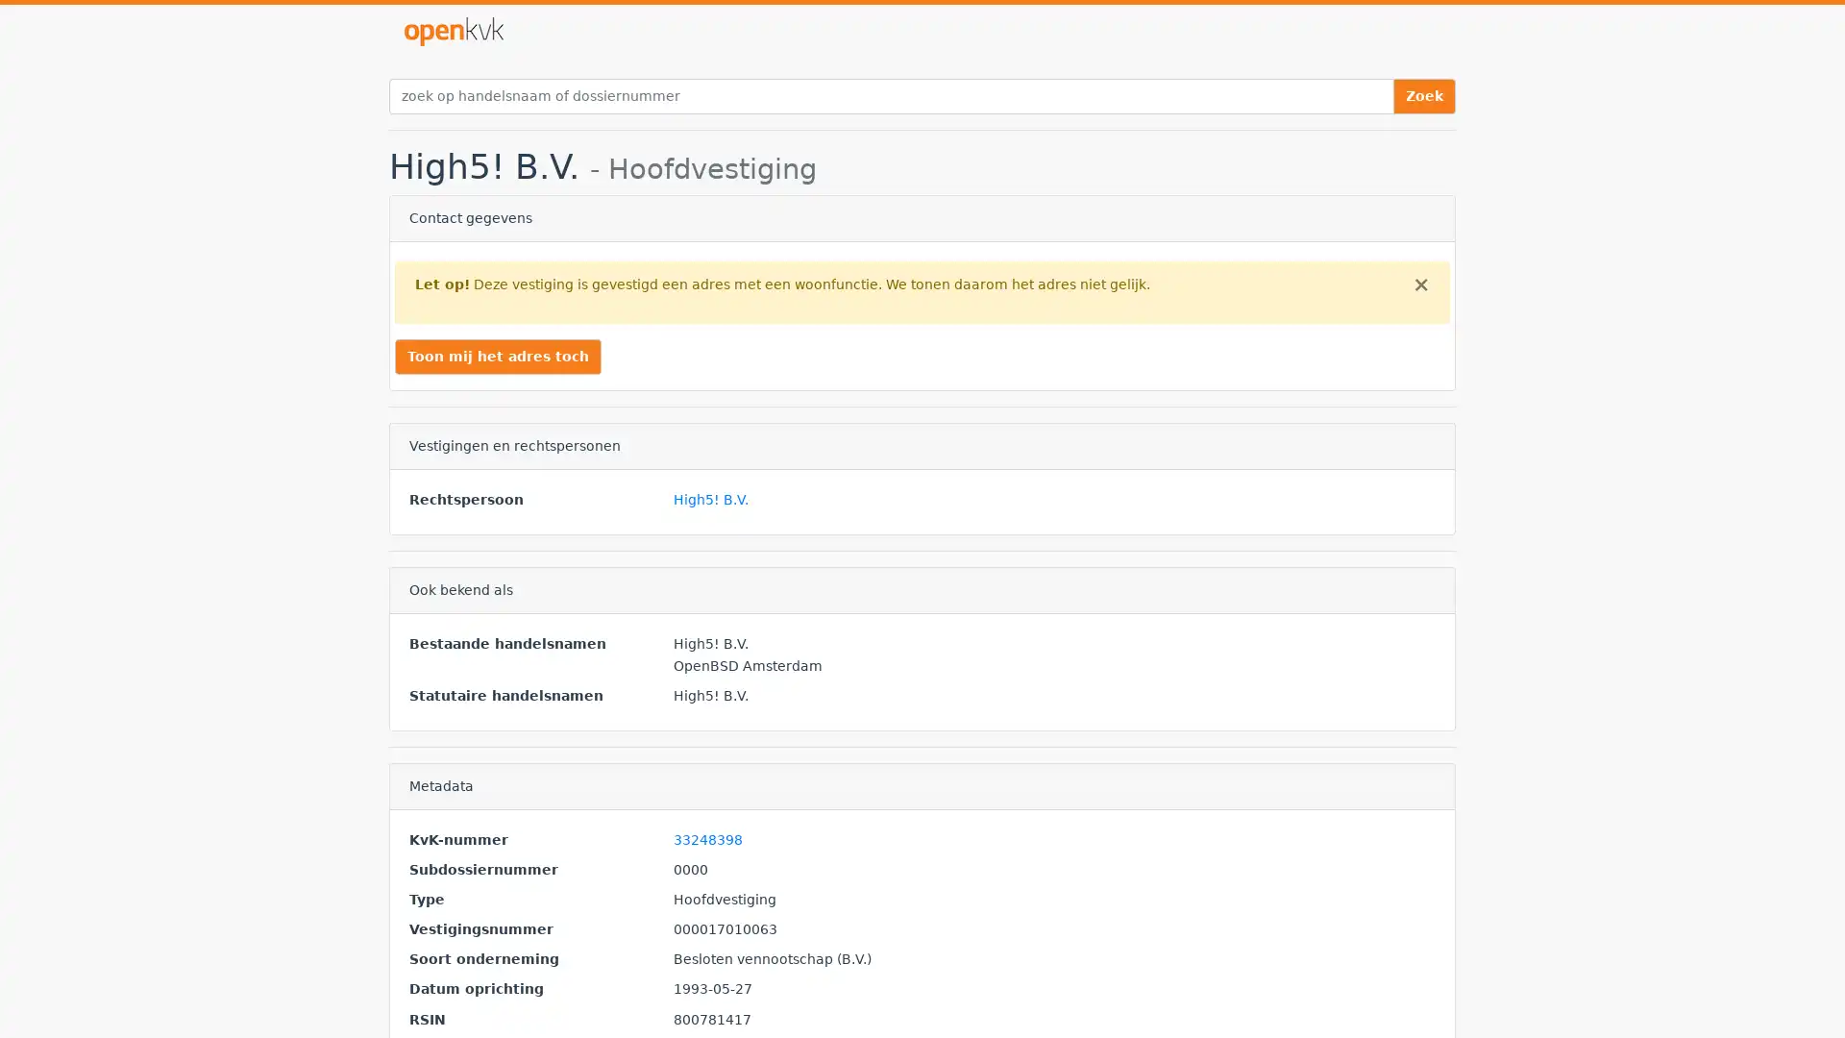 The image size is (1845, 1038). Describe the element at coordinates (1424, 95) in the screenshot. I see `Zoek` at that location.